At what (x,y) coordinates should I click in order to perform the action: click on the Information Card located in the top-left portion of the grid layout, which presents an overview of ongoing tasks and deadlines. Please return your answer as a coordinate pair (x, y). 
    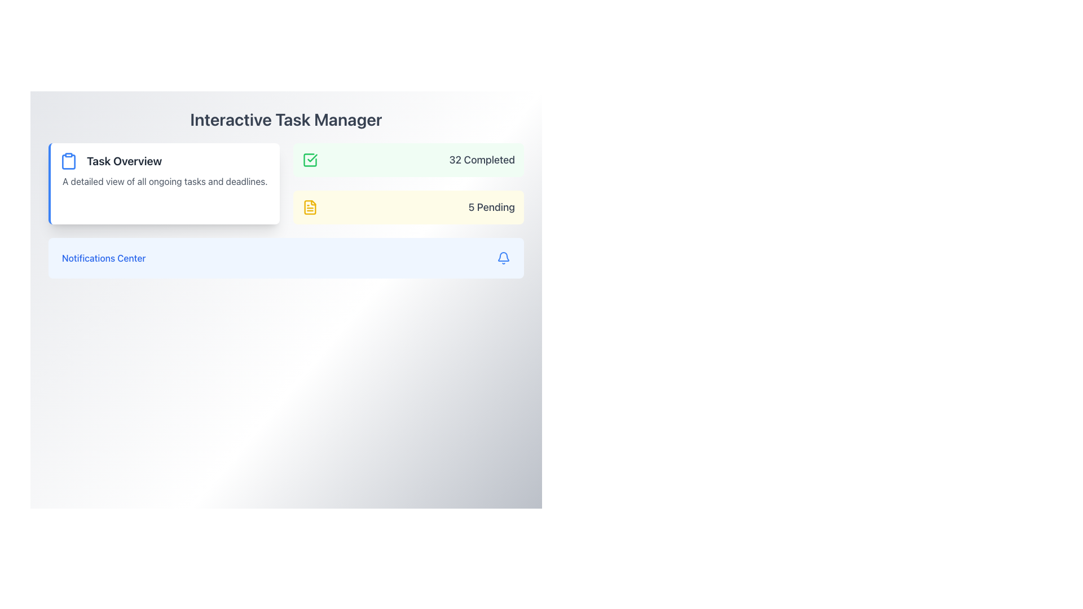
    Looking at the image, I should click on (163, 183).